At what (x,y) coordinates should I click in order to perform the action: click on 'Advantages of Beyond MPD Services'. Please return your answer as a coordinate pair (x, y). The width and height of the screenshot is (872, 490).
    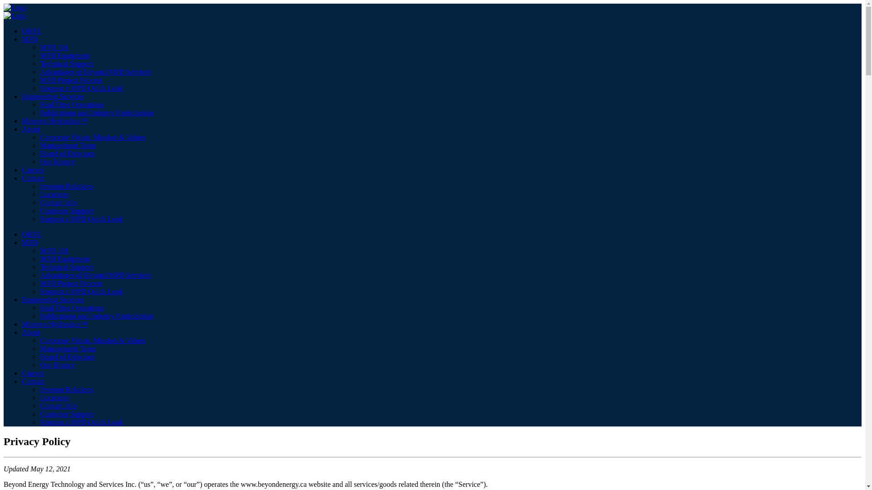
    Looking at the image, I should click on (95, 274).